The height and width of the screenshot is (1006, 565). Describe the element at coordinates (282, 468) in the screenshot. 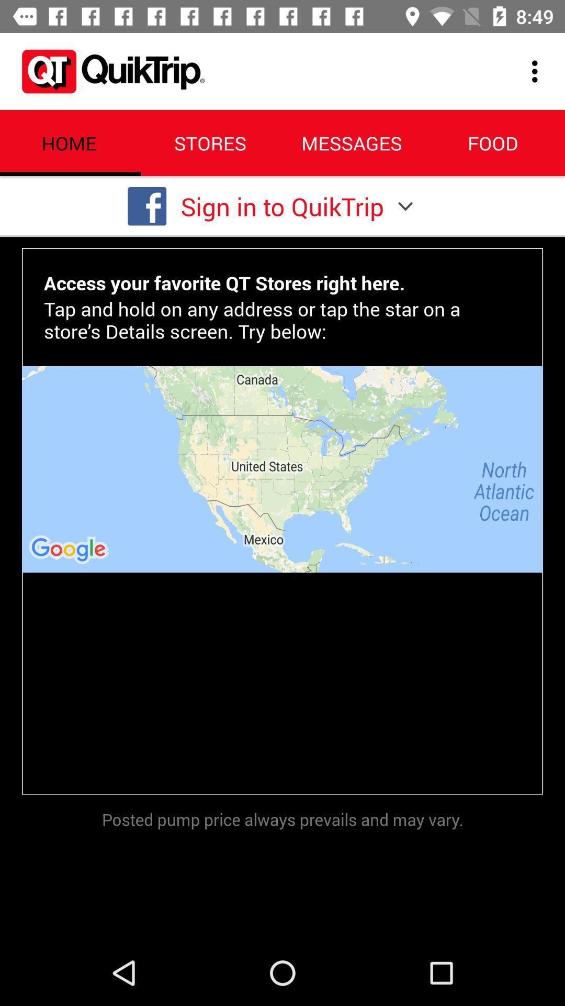

I see `item above posted pump price icon` at that location.